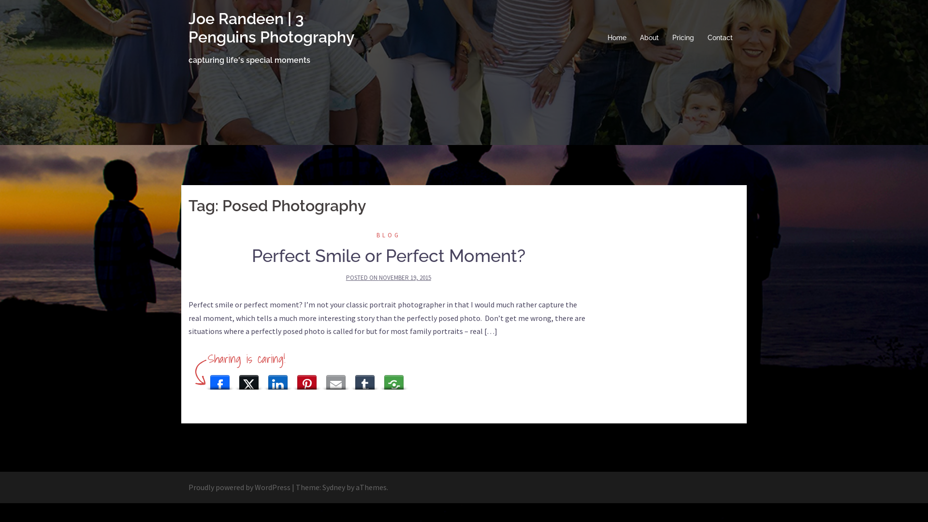 The height and width of the screenshot is (522, 928). What do you see at coordinates (0, 0) in the screenshot?
I see `'Skip to content'` at bounding box center [0, 0].